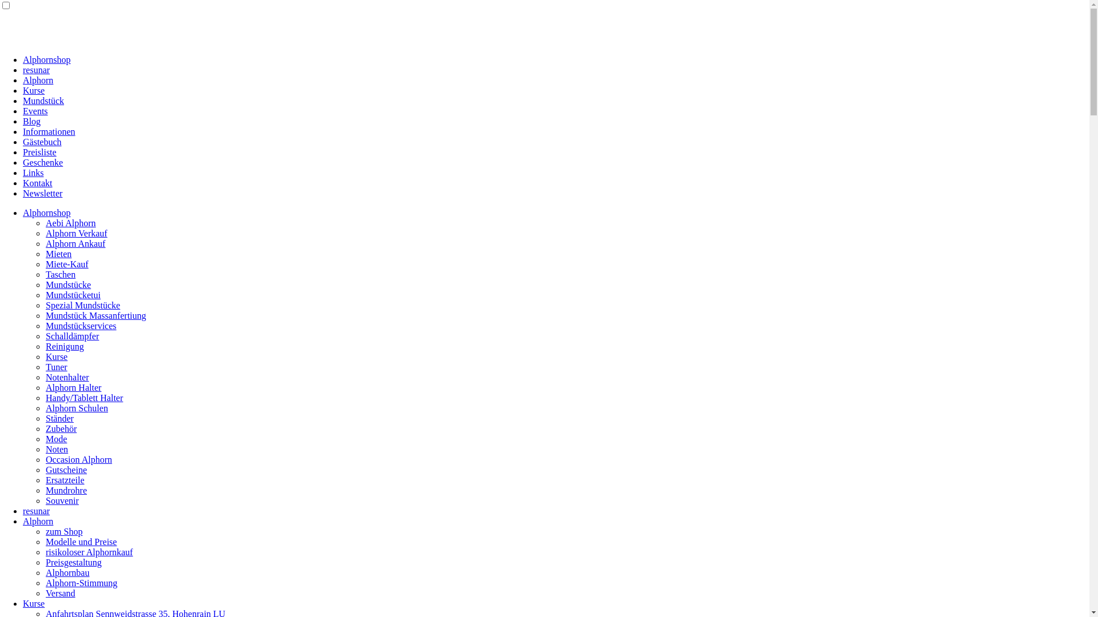 This screenshot has width=1098, height=617. What do you see at coordinates (65, 490) in the screenshot?
I see `'Mundrohre'` at bounding box center [65, 490].